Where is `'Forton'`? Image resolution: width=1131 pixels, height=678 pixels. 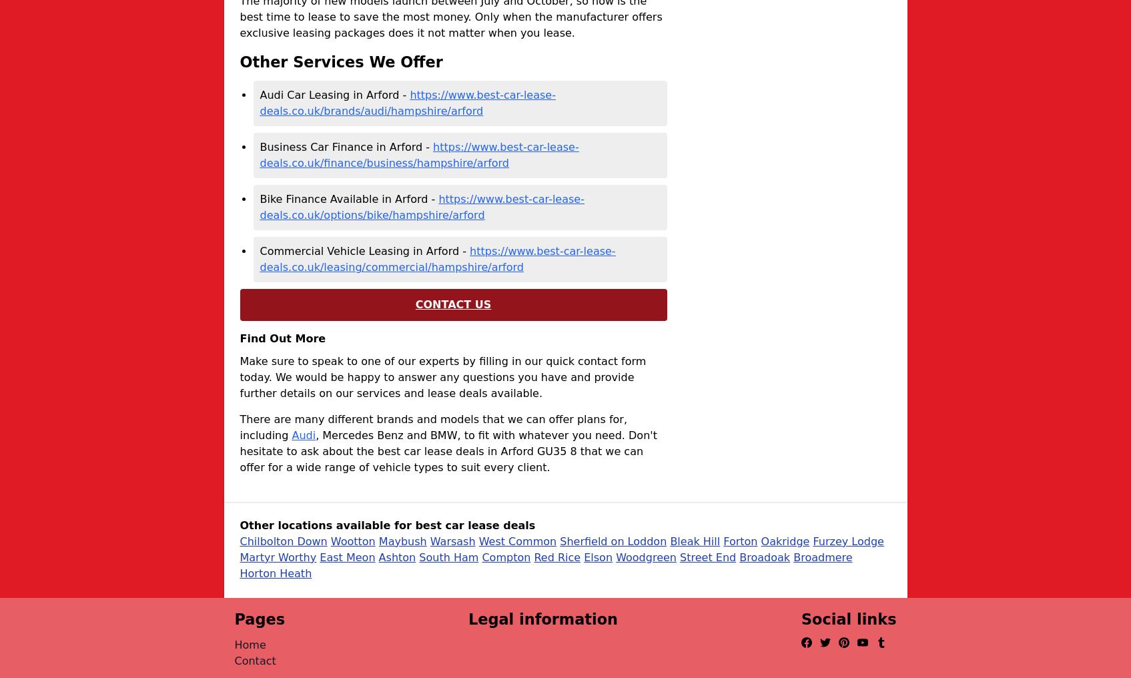 'Forton' is located at coordinates (723, 540).